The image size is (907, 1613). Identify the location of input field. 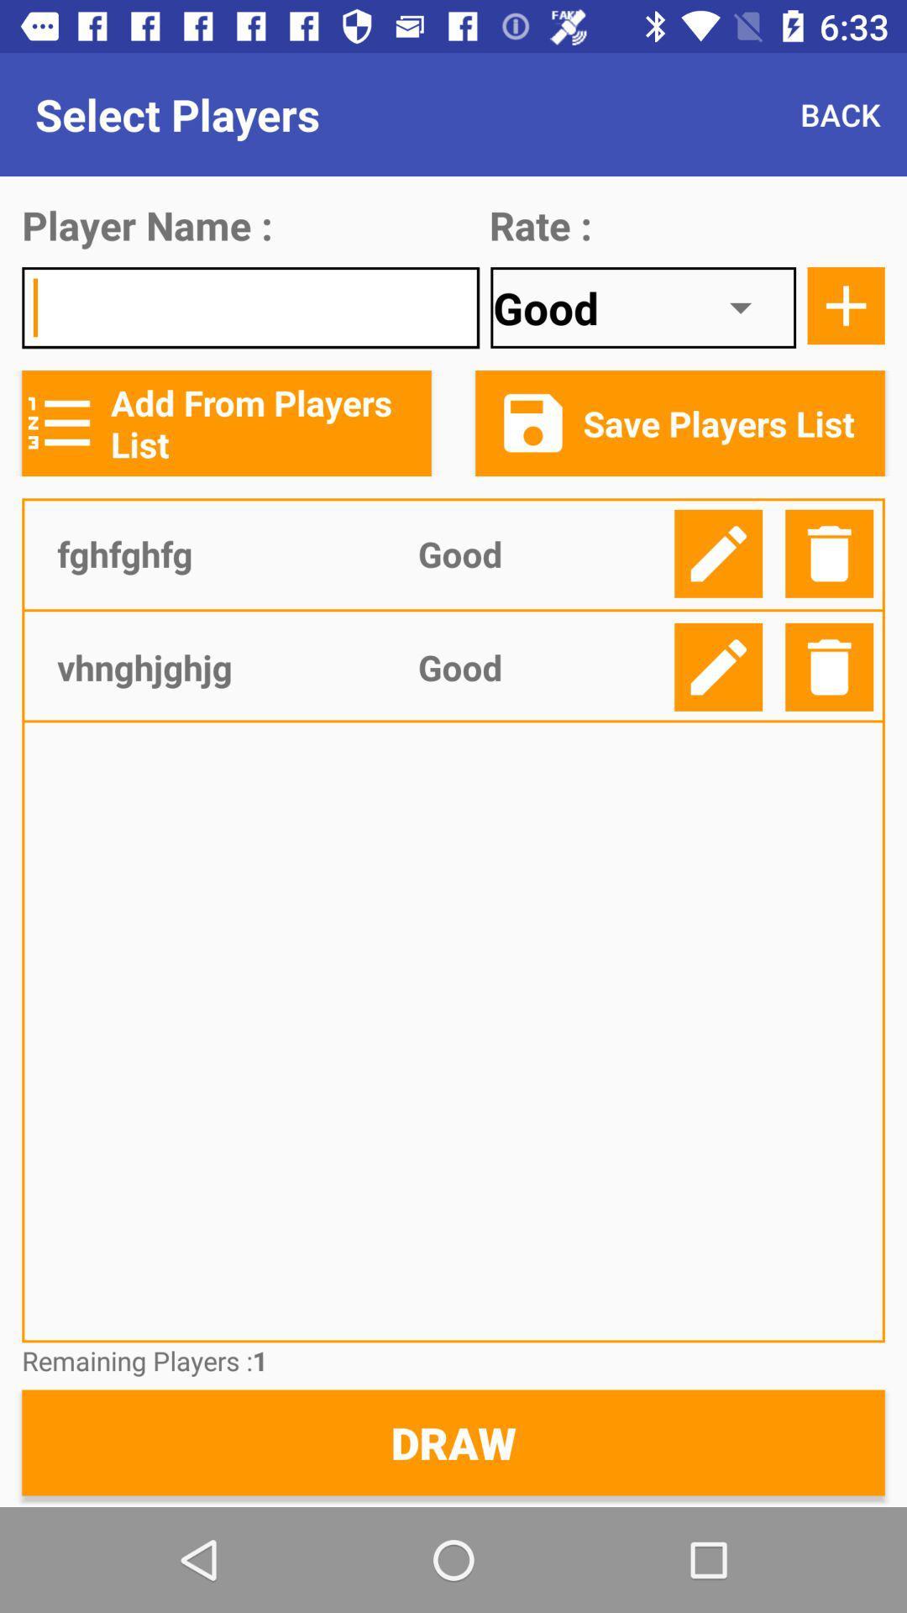
(250, 307).